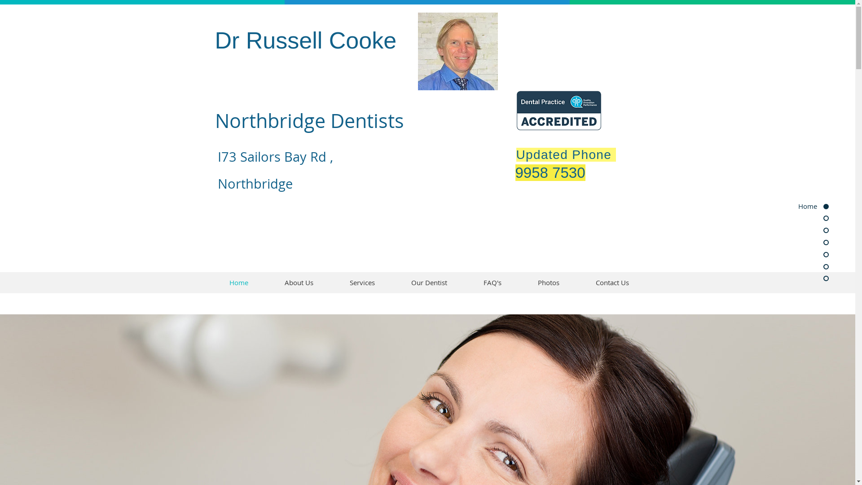  I want to click on 'About Us', so click(299, 282).